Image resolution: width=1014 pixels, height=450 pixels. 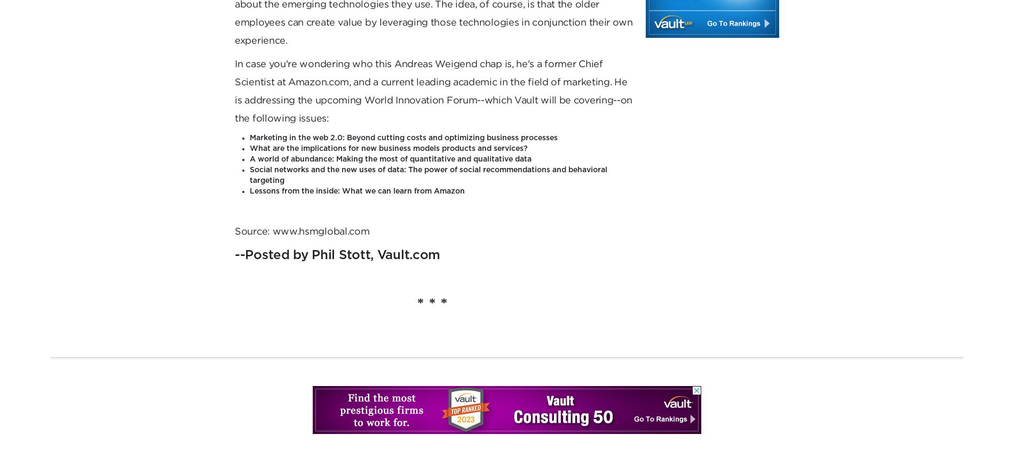 What do you see at coordinates (742, 103) in the screenshot?
I see `'Help Center'` at bounding box center [742, 103].